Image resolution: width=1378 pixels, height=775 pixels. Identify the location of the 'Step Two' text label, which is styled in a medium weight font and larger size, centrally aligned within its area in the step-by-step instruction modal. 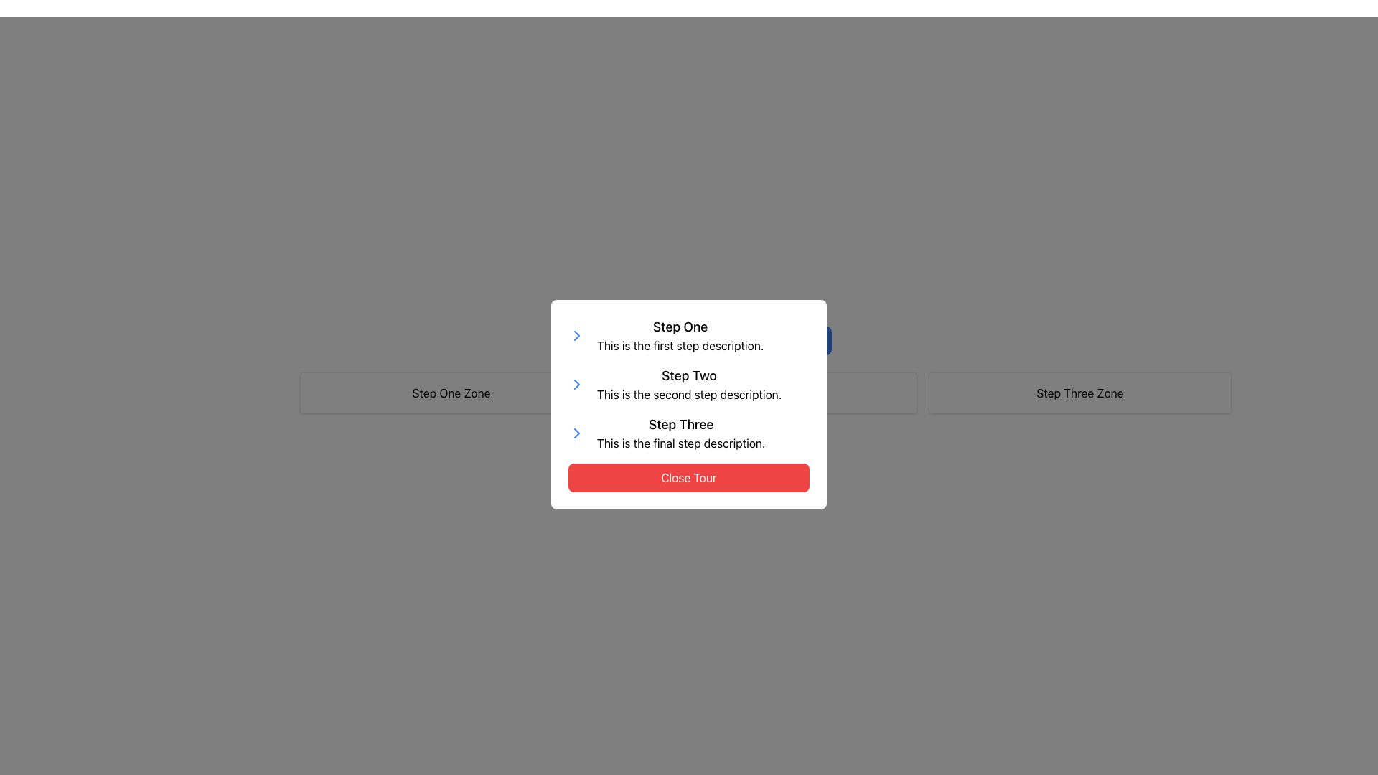
(689, 375).